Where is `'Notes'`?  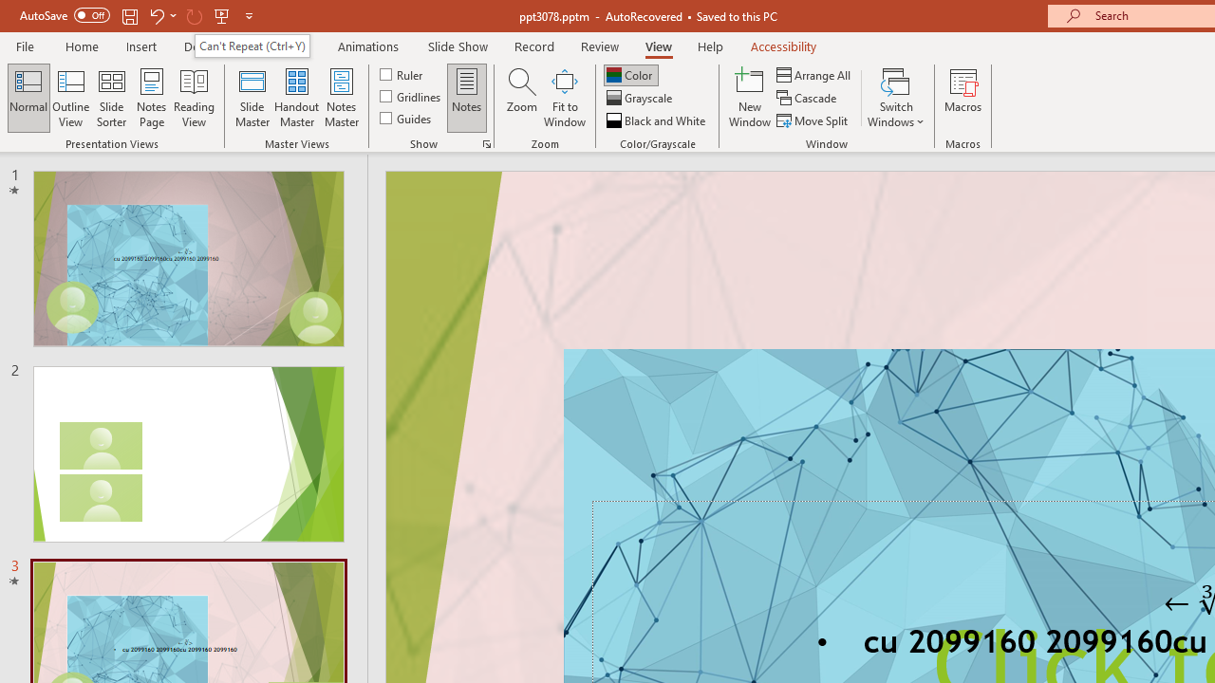 'Notes' is located at coordinates (467, 98).